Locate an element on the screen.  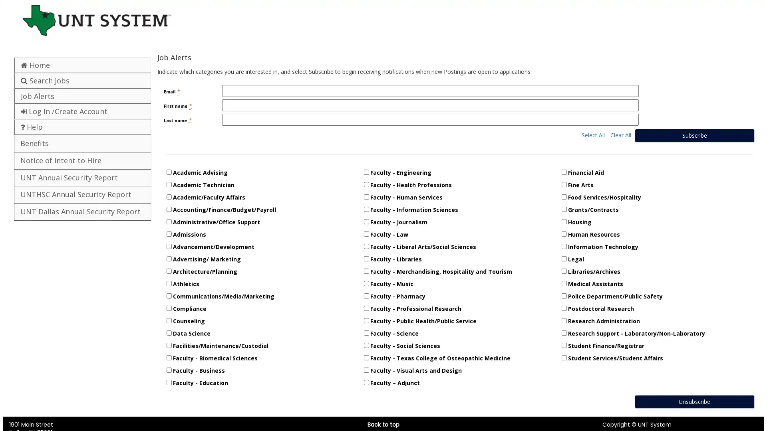
Subscribe is located at coordinates (693, 135).